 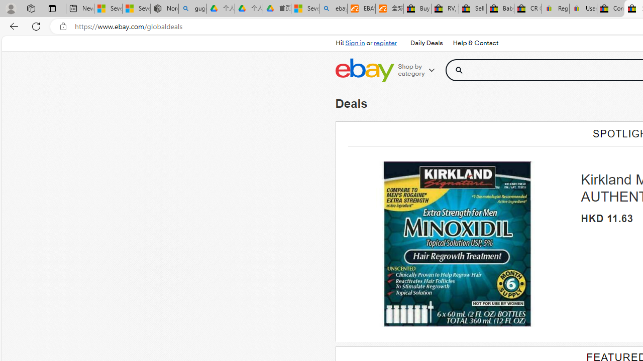 What do you see at coordinates (426, 43) in the screenshot?
I see `'Daily Deals'` at bounding box center [426, 43].